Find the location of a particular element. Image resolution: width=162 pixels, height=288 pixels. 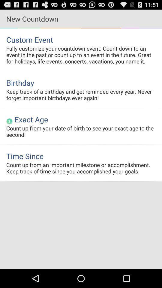

fully customize your item is located at coordinates (81, 55).